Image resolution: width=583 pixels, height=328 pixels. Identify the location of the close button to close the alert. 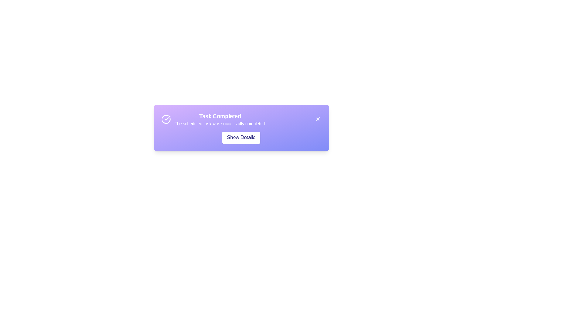
(317, 119).